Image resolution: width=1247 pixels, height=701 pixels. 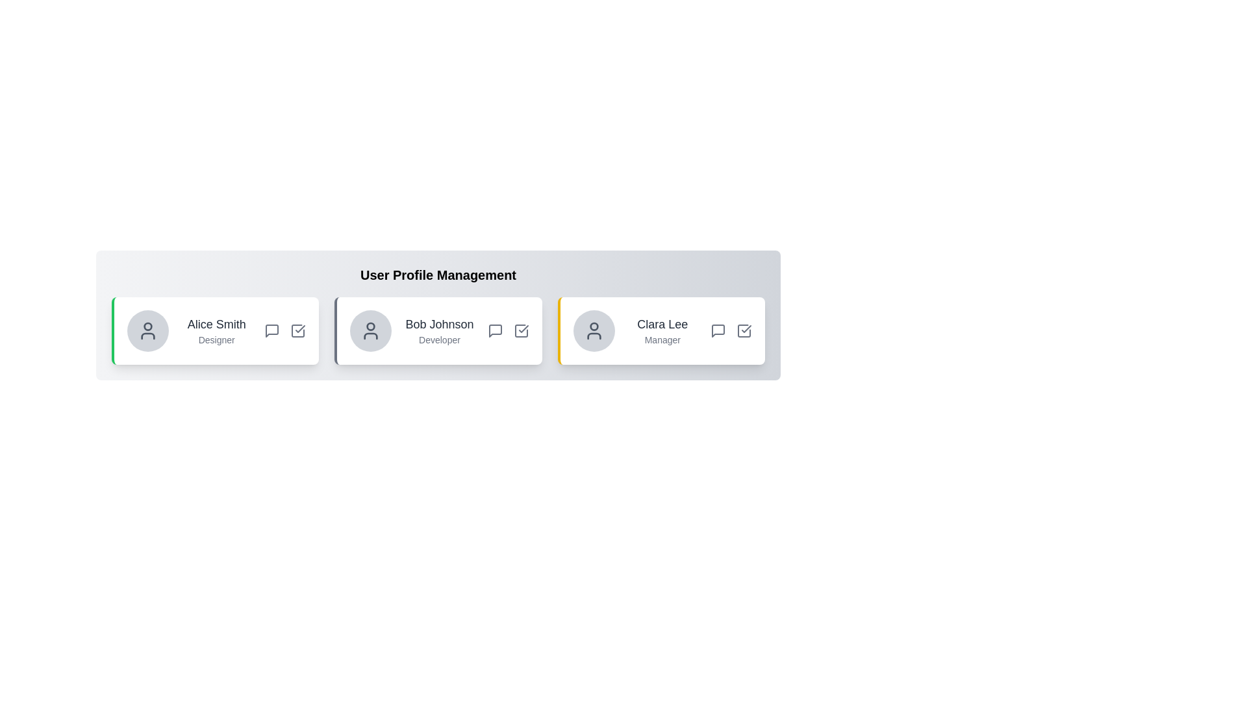 What do you see at coordinates (439, 330) in the screenshot?
I see `the text display showing 'Bob Johnson' and 'Developer' in a card layout, positioned centrally within the middle card of the user profile row` at bounding box center [439, 330].